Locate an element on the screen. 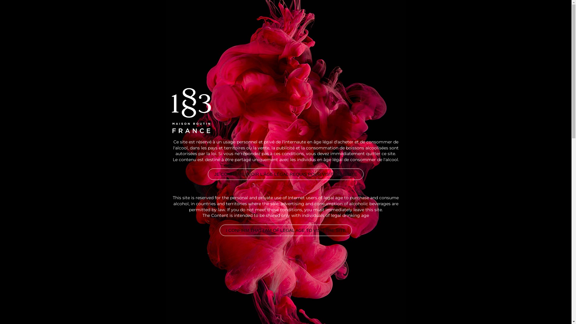  'EXCEPTIONAL SYRUPS' is located at coordinates (259, 24).